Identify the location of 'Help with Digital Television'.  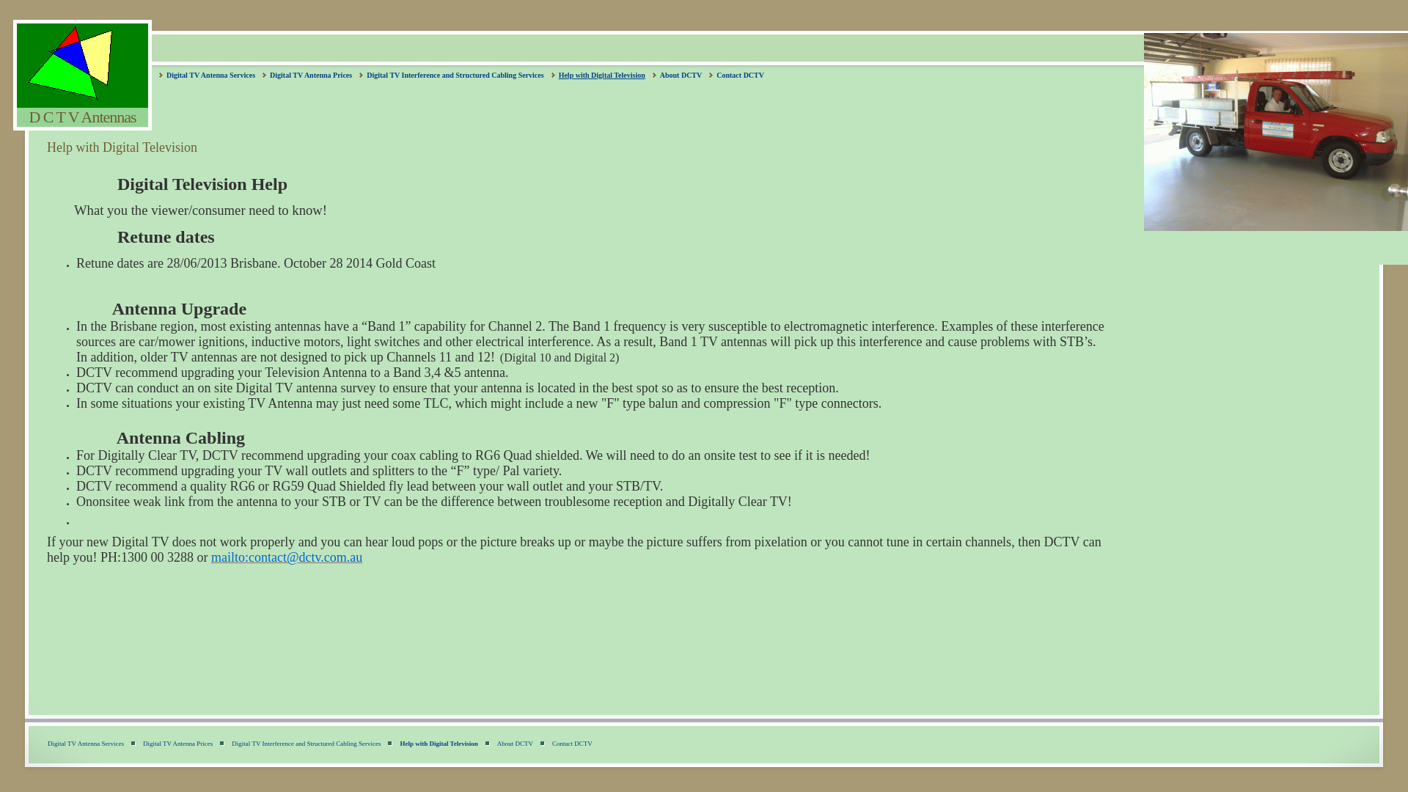
(438, 743).